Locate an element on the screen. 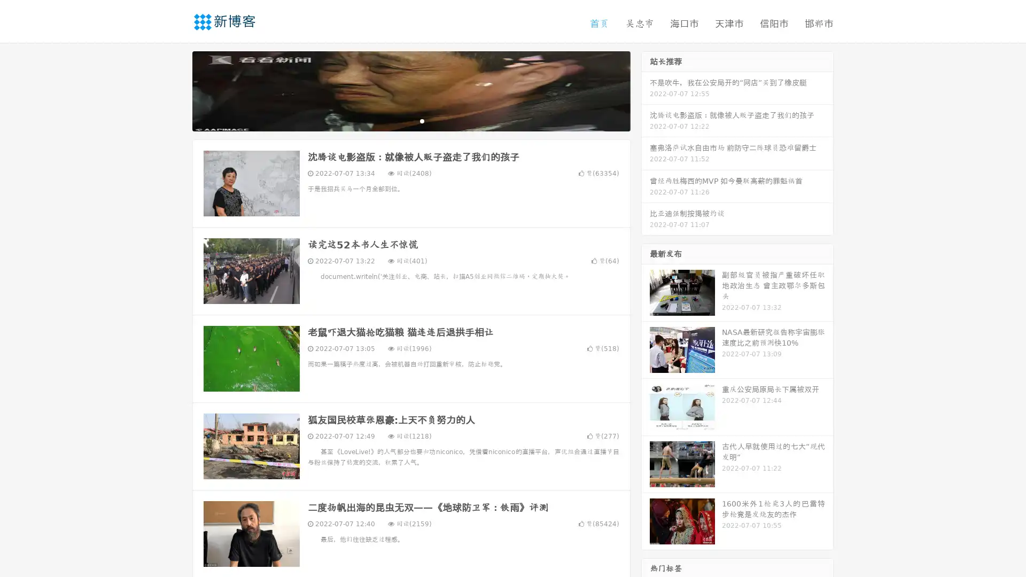 The height and width of the screenshot is (577, 1026). Go to slide 2 is located at coordinates (410, 120).